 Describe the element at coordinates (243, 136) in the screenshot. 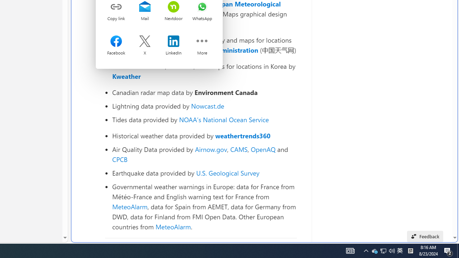

I see `'weathertrends360'` at that location.